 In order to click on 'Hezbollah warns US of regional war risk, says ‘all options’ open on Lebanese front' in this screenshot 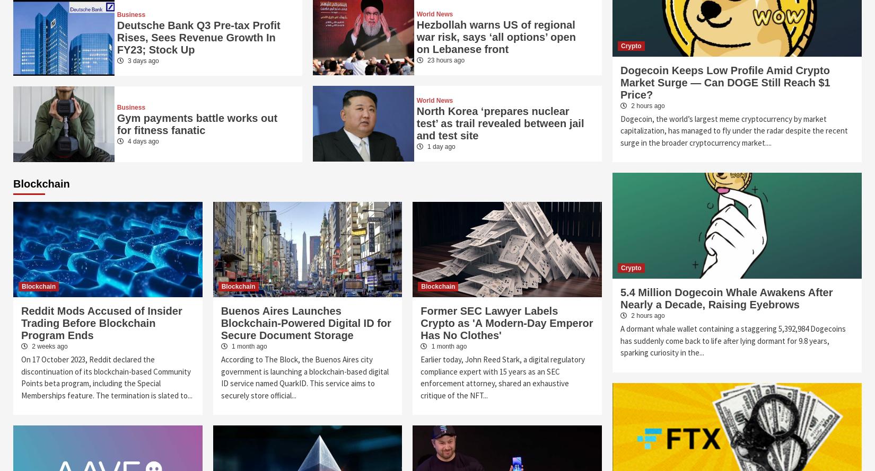, I will do `click(496, 36)`.